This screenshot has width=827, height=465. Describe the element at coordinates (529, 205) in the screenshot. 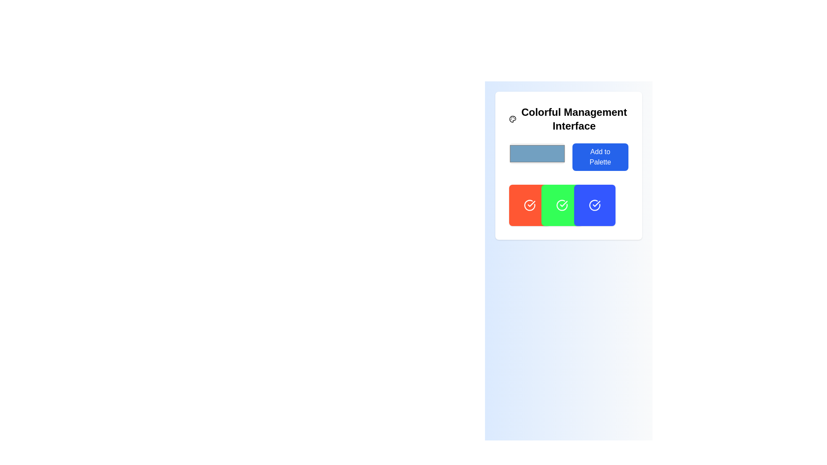

I see `the first square button with a bright red background and a white circular checkmark icon, located below the main interface title` at that location.